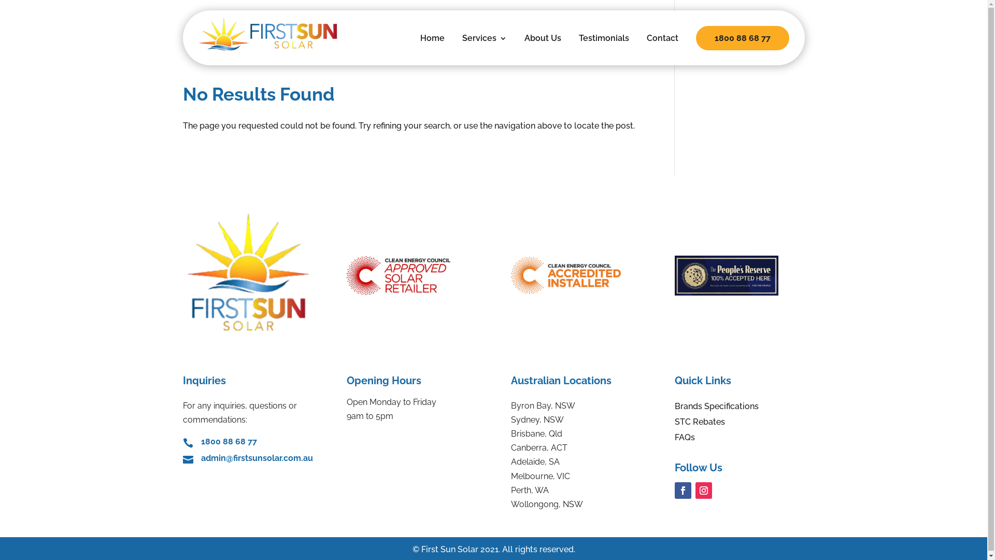 This screenshot has width=995, height=560. Describe the element at coordinates (700, 424) in the screenshot. I see `'STC Rebates'` at that location.